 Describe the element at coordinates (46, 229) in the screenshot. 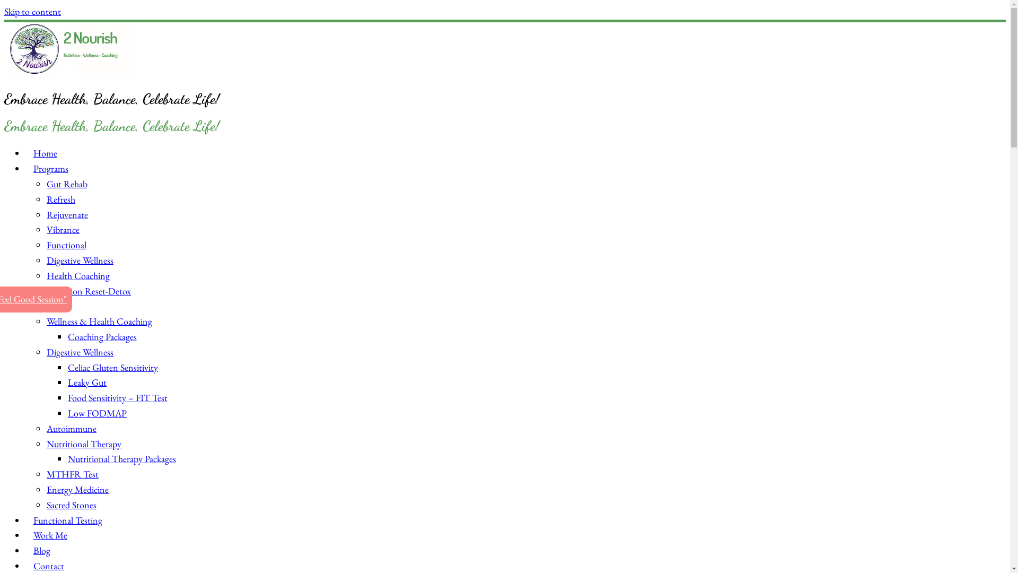

I see `'Vibrance'` at that location.